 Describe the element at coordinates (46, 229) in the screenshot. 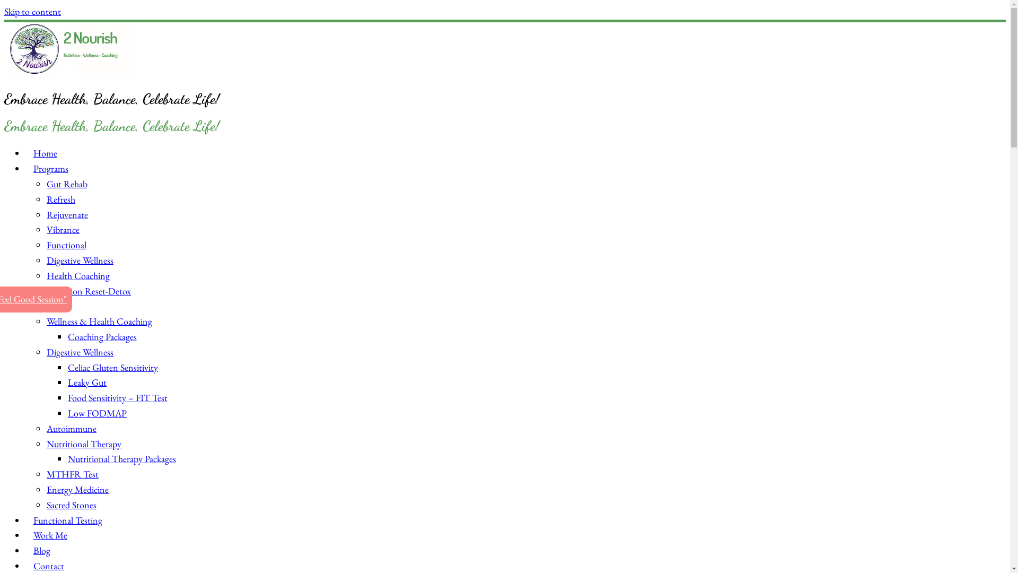

I see `'Vibrance'` at that location.